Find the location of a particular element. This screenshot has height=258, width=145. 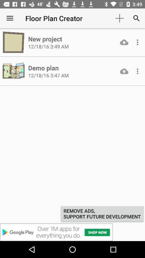

upload demo plan project is located at coordinates (124, 71).